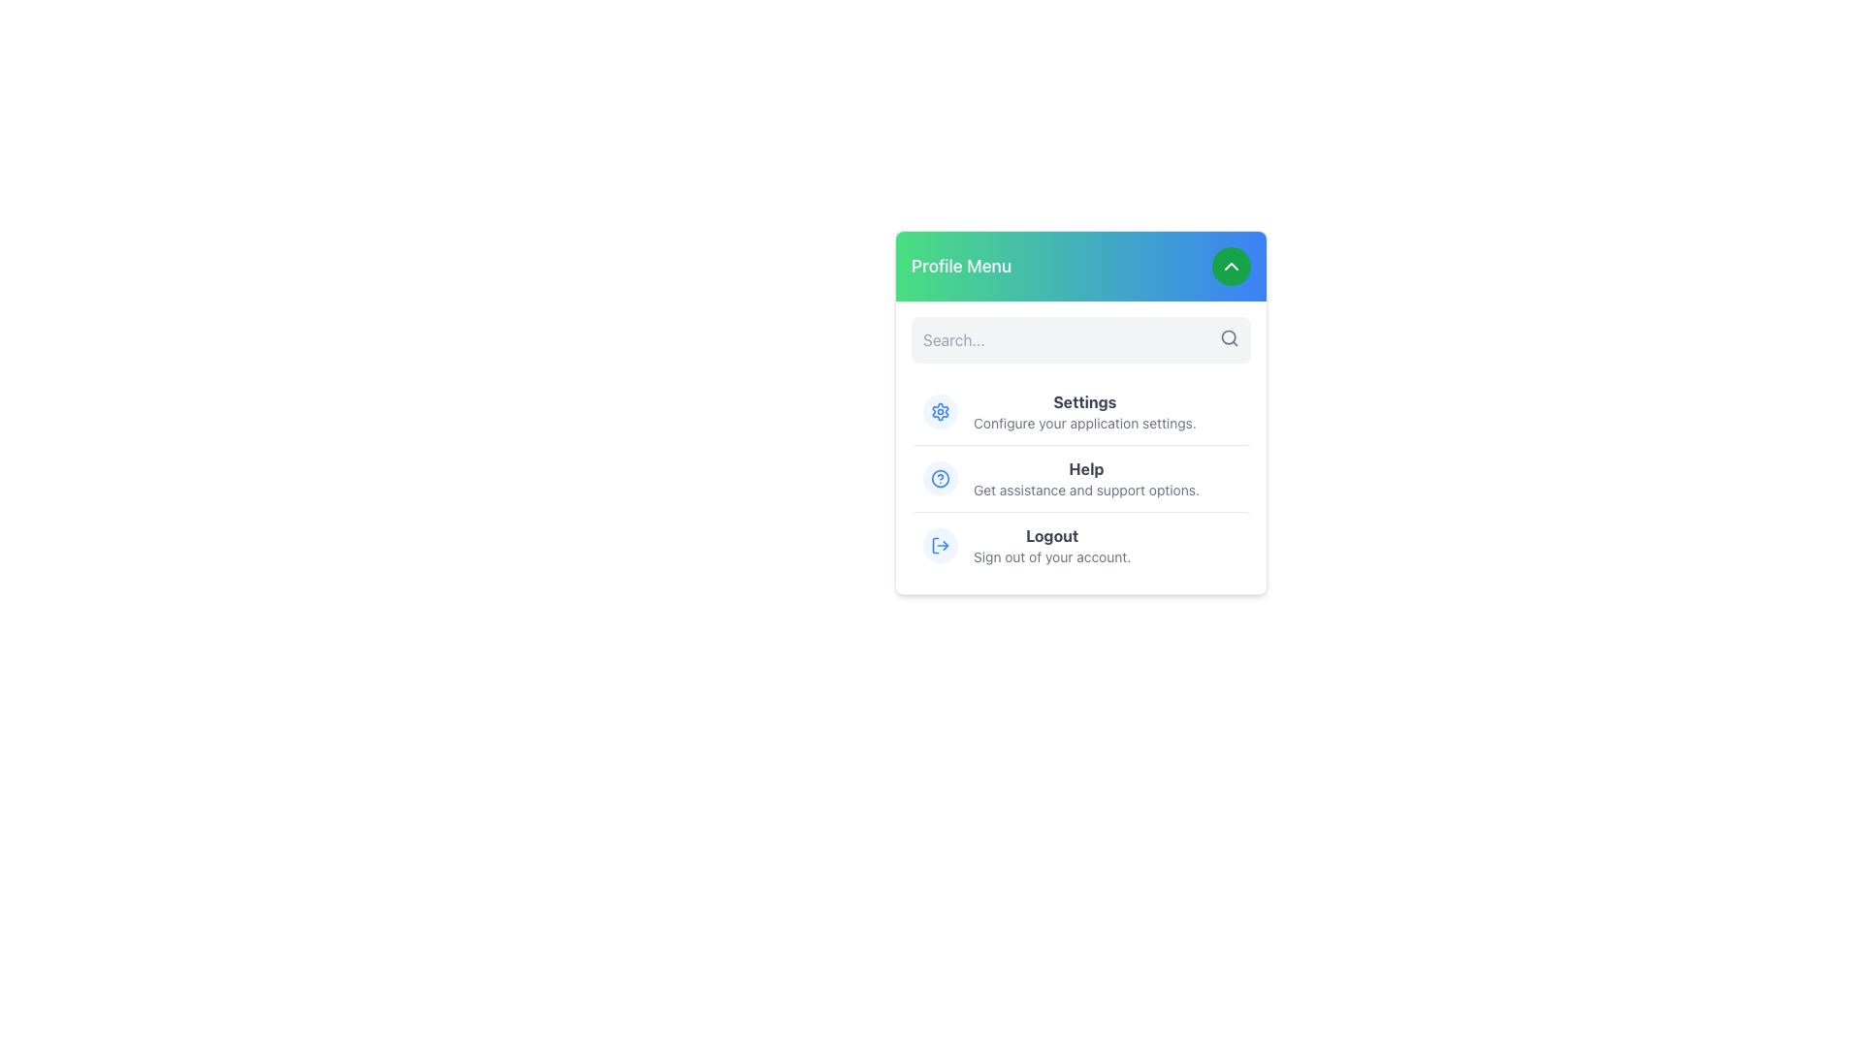 This screenshot has height=1047, width=1862. What do you see at coordinates (961, 266) in the screenshot?
I see `the 'Profile Menu' text label which is styled with a larger font size and bold weight, located in the green-to-blue gradient header area near the left side, adjacent to a circular button with a chevron icon` at bounding box center [961, 266].